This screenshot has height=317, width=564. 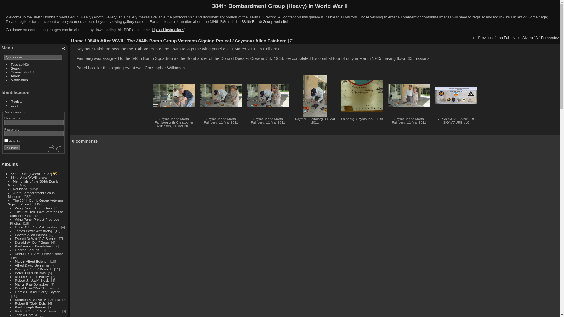 I want to click on 'Tags', so click(x=14, y=64).